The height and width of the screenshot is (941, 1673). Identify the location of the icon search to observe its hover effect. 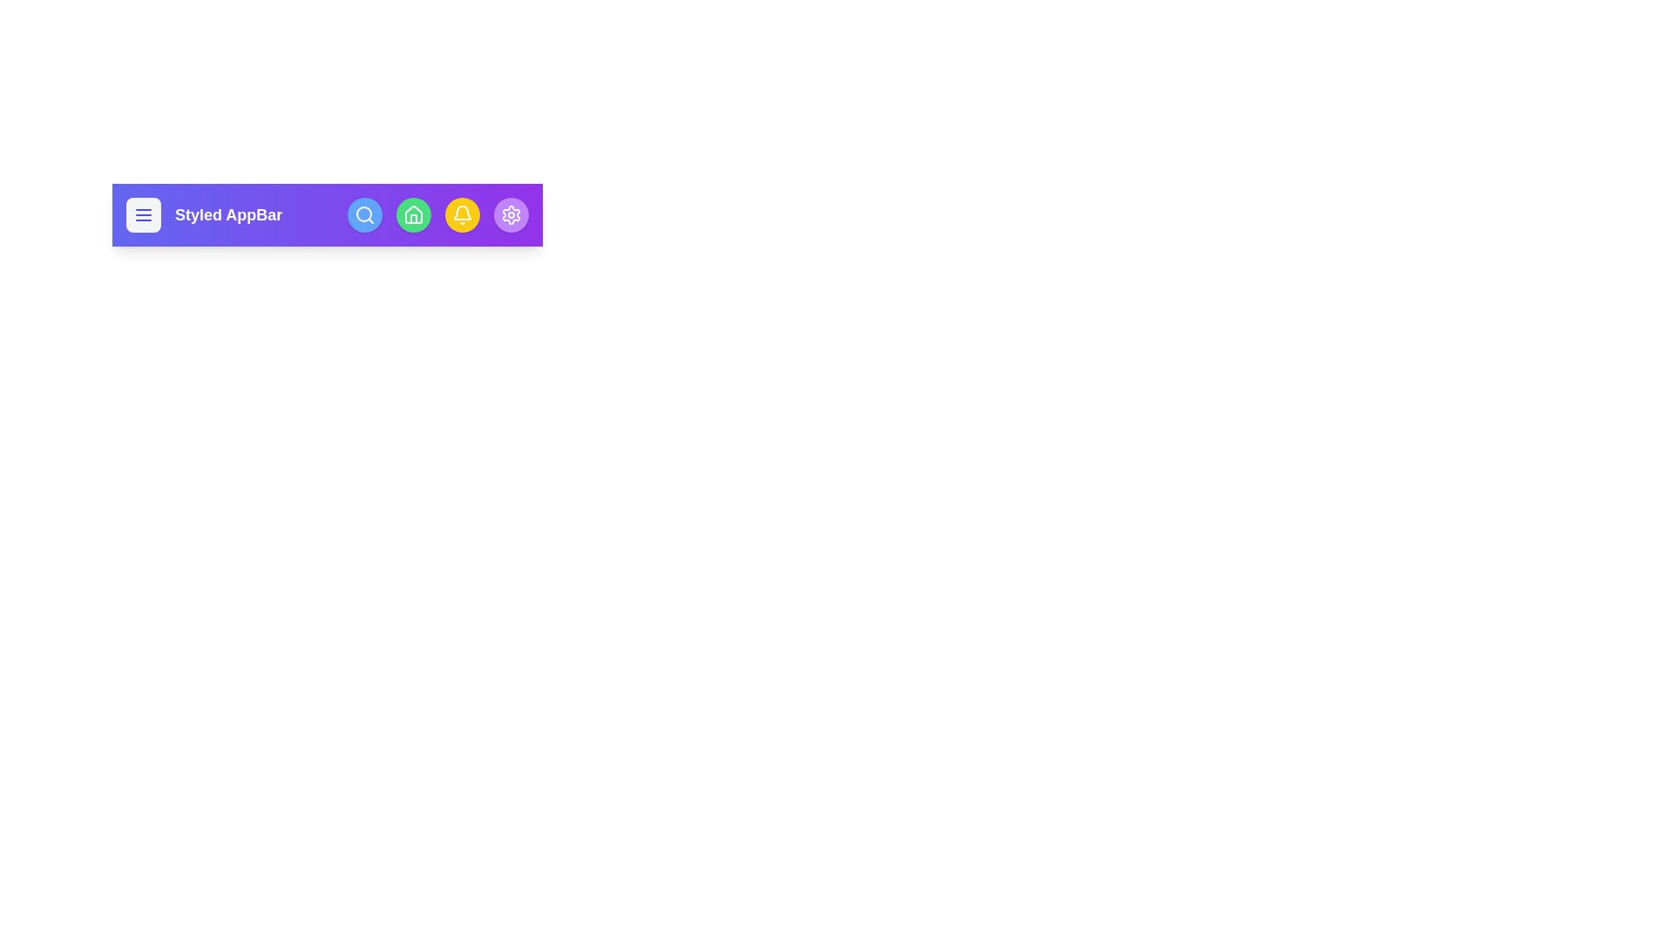
(363, 213).